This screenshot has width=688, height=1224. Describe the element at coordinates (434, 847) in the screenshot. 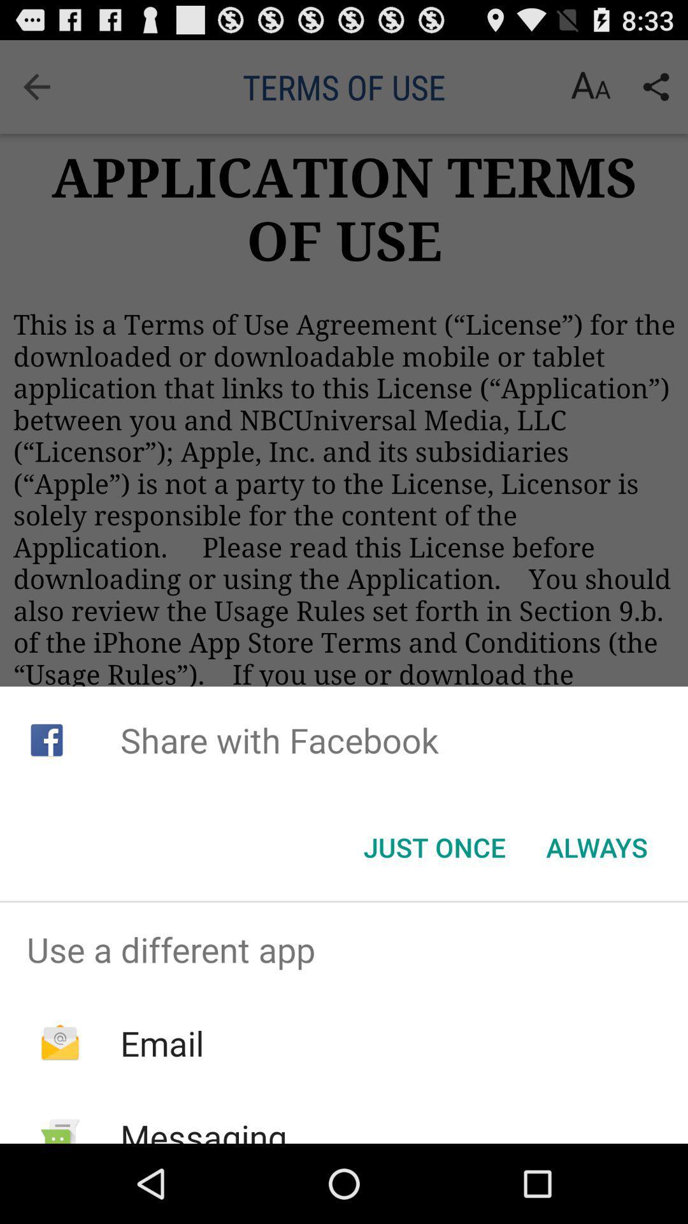

I see `the icon next to always item` at that location.